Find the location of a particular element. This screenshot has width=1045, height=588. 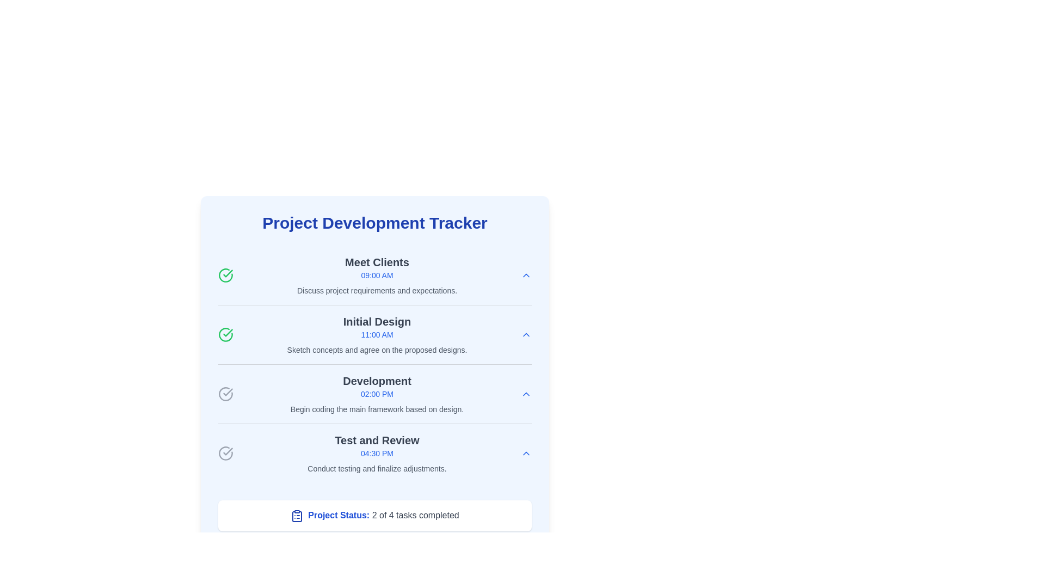

the collapse button located at the far right of the 'Meet Clients' section, adjacent to the time text '09:00 AM', to hide the meeting details is located at coordinates (526, 274).